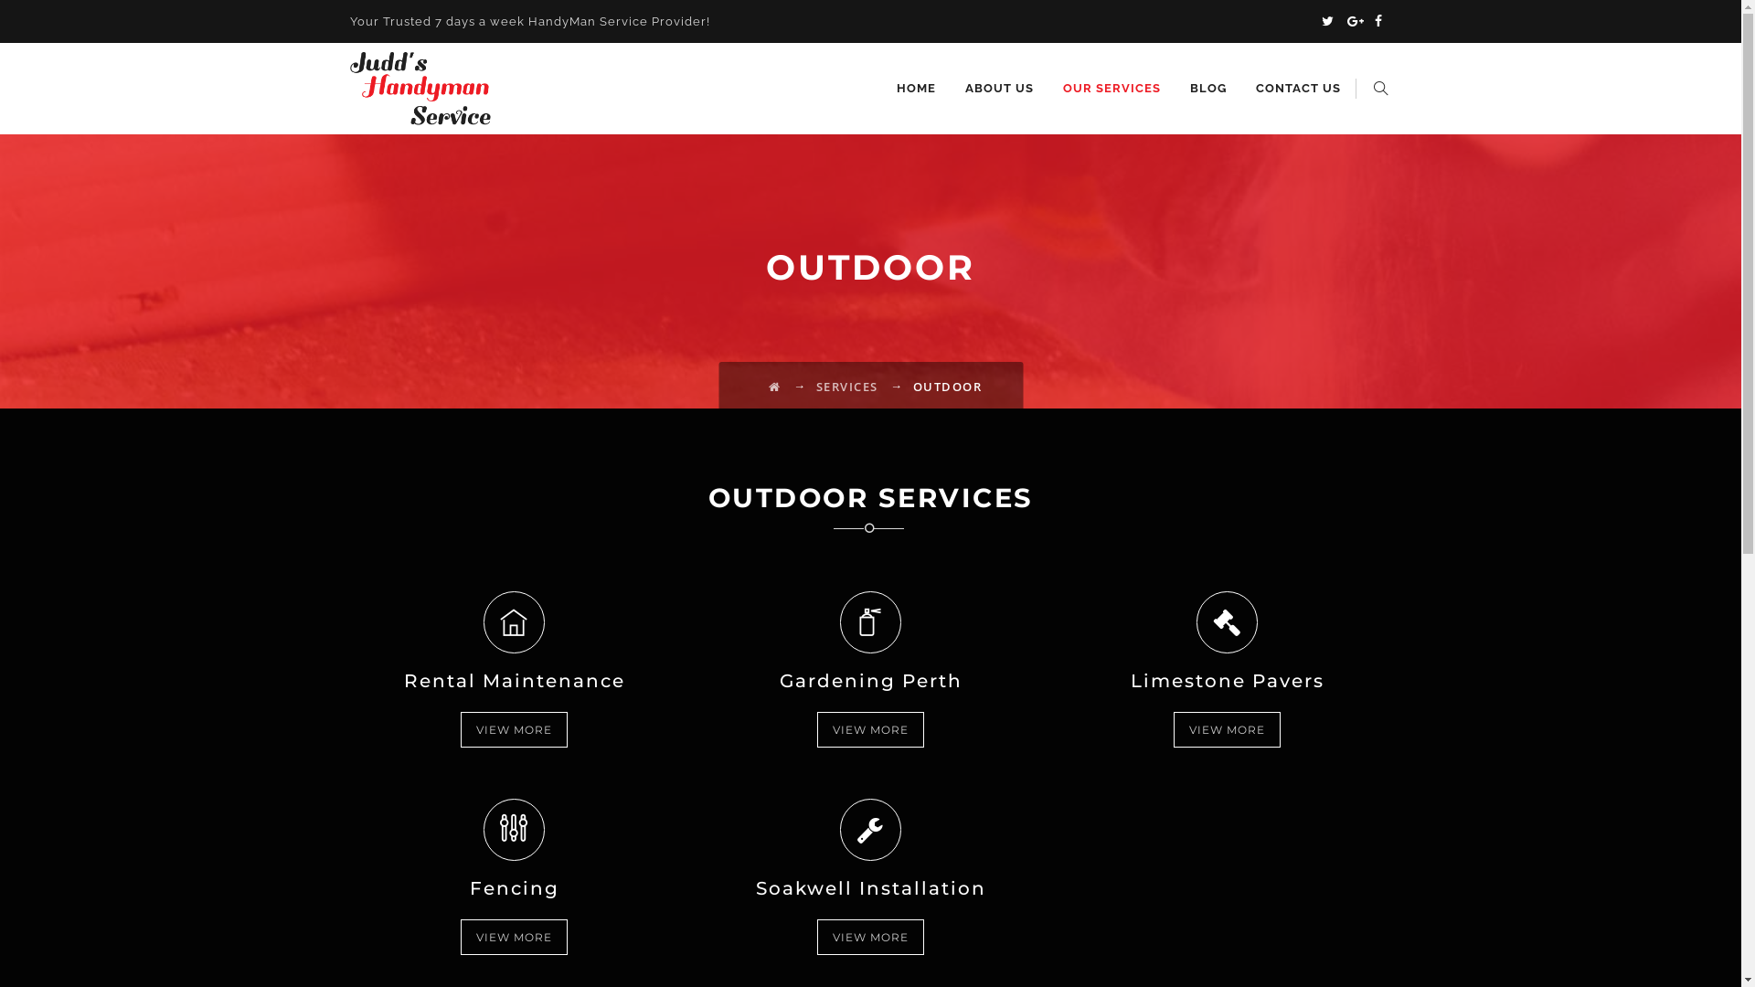  Describe the element at coordinates (869, 937) in the screenshot. I see `'VIEW MORE'` at that location.